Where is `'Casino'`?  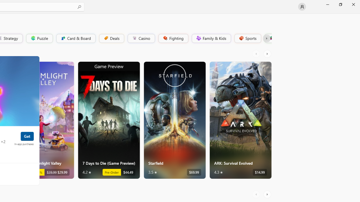 'Casino' is located at coordinates (141, 38).